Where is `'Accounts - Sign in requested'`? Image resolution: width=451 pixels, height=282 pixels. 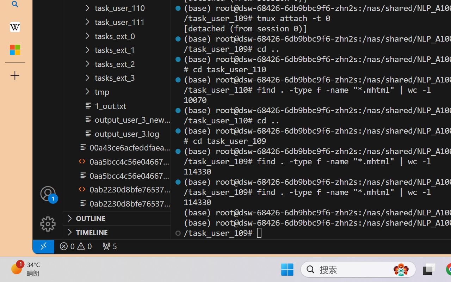 'Accounts - Sign in requested' is located at coordinates (47, 193).